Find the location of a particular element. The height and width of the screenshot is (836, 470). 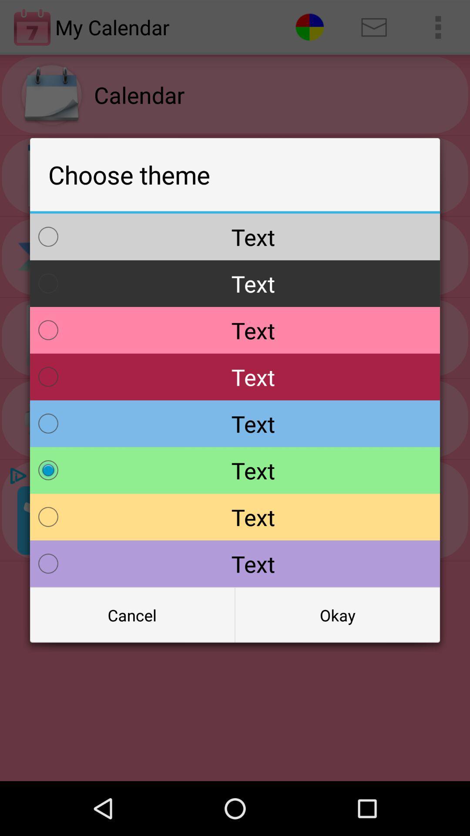

cancel is located at coordinates (132, 614).